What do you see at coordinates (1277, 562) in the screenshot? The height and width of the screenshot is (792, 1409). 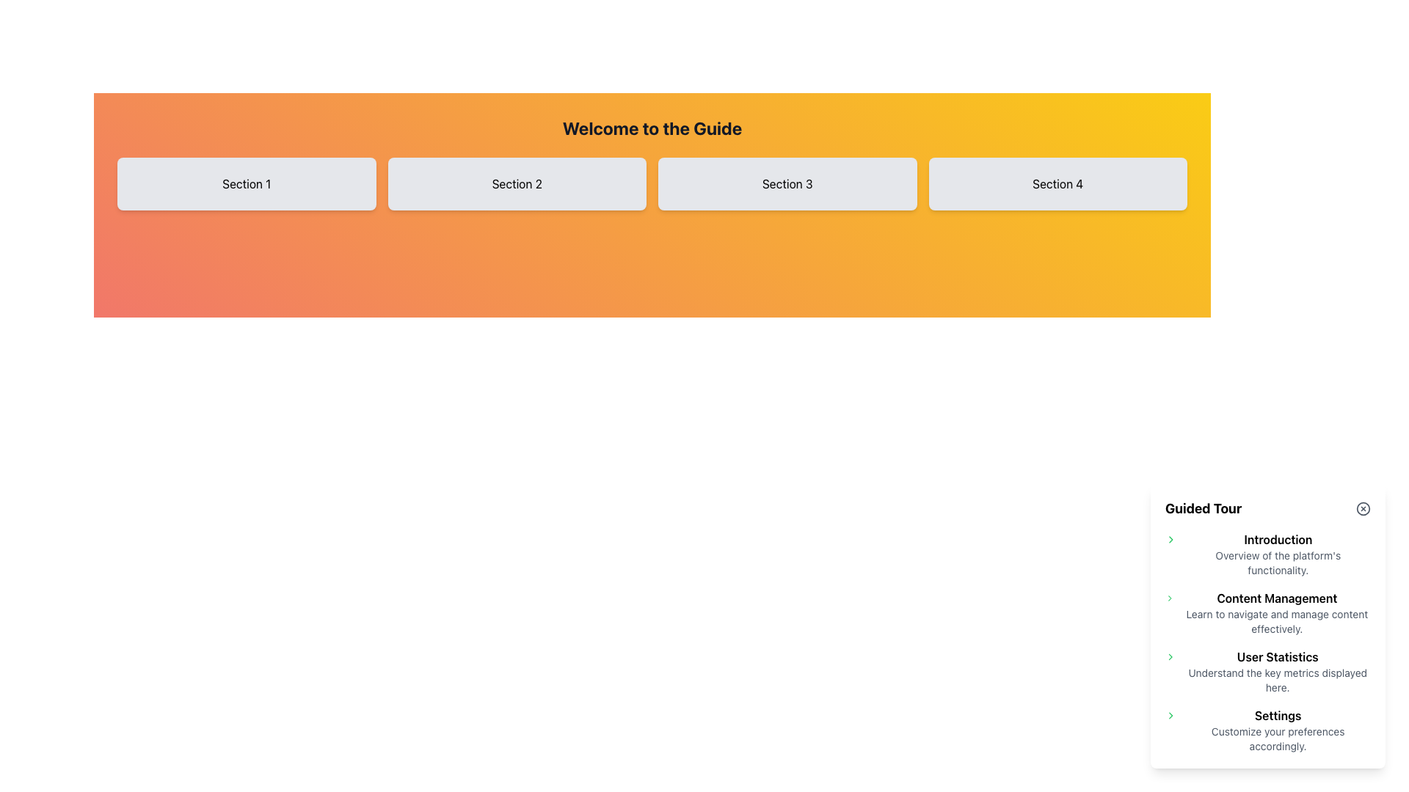 I see `the text segment styled in a smaller font size and light gray color that conveys the message: "Overview of the platform's functionality," located below the 'Introduction' title in the right-hand panel labeled 'Guided Tour'` at bounding box center [1277, 562].